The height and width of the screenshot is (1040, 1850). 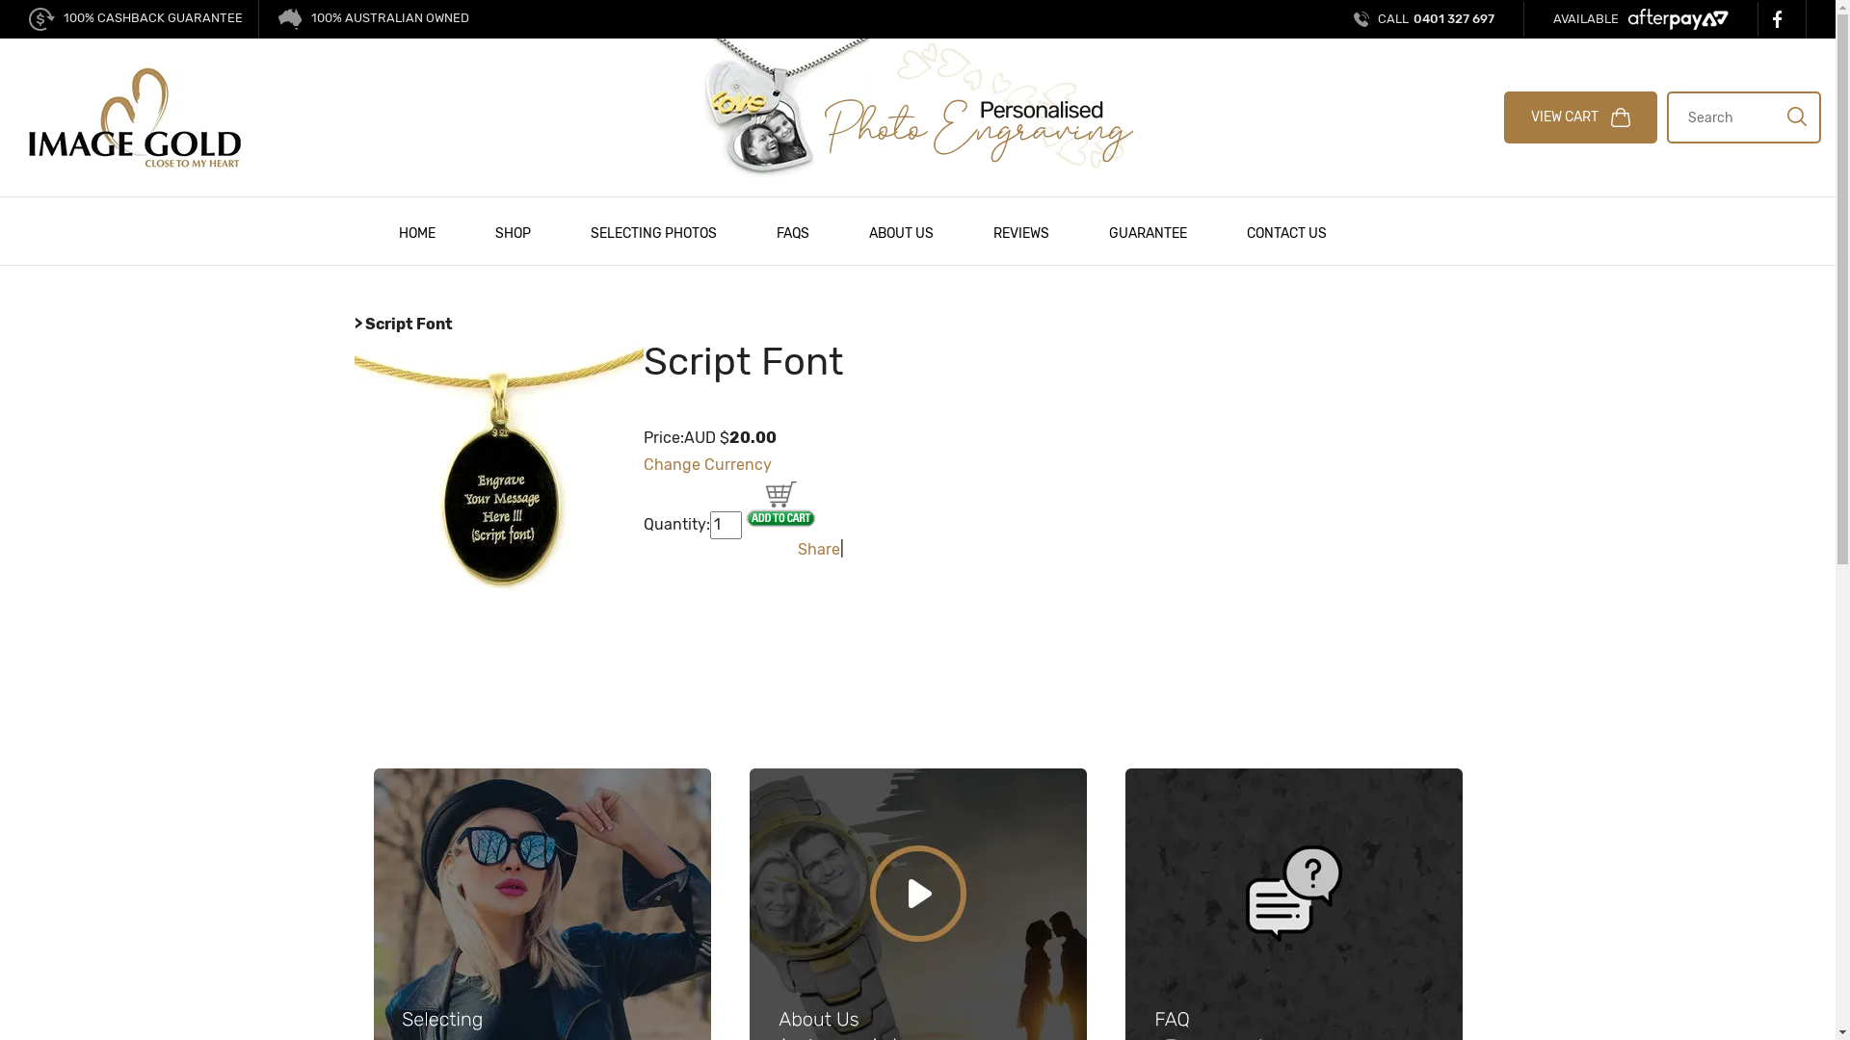 What do you see at coordinates (899, 230) in the screenshot?
I see `'ABOUT US'` at bounding box center [899, 230].